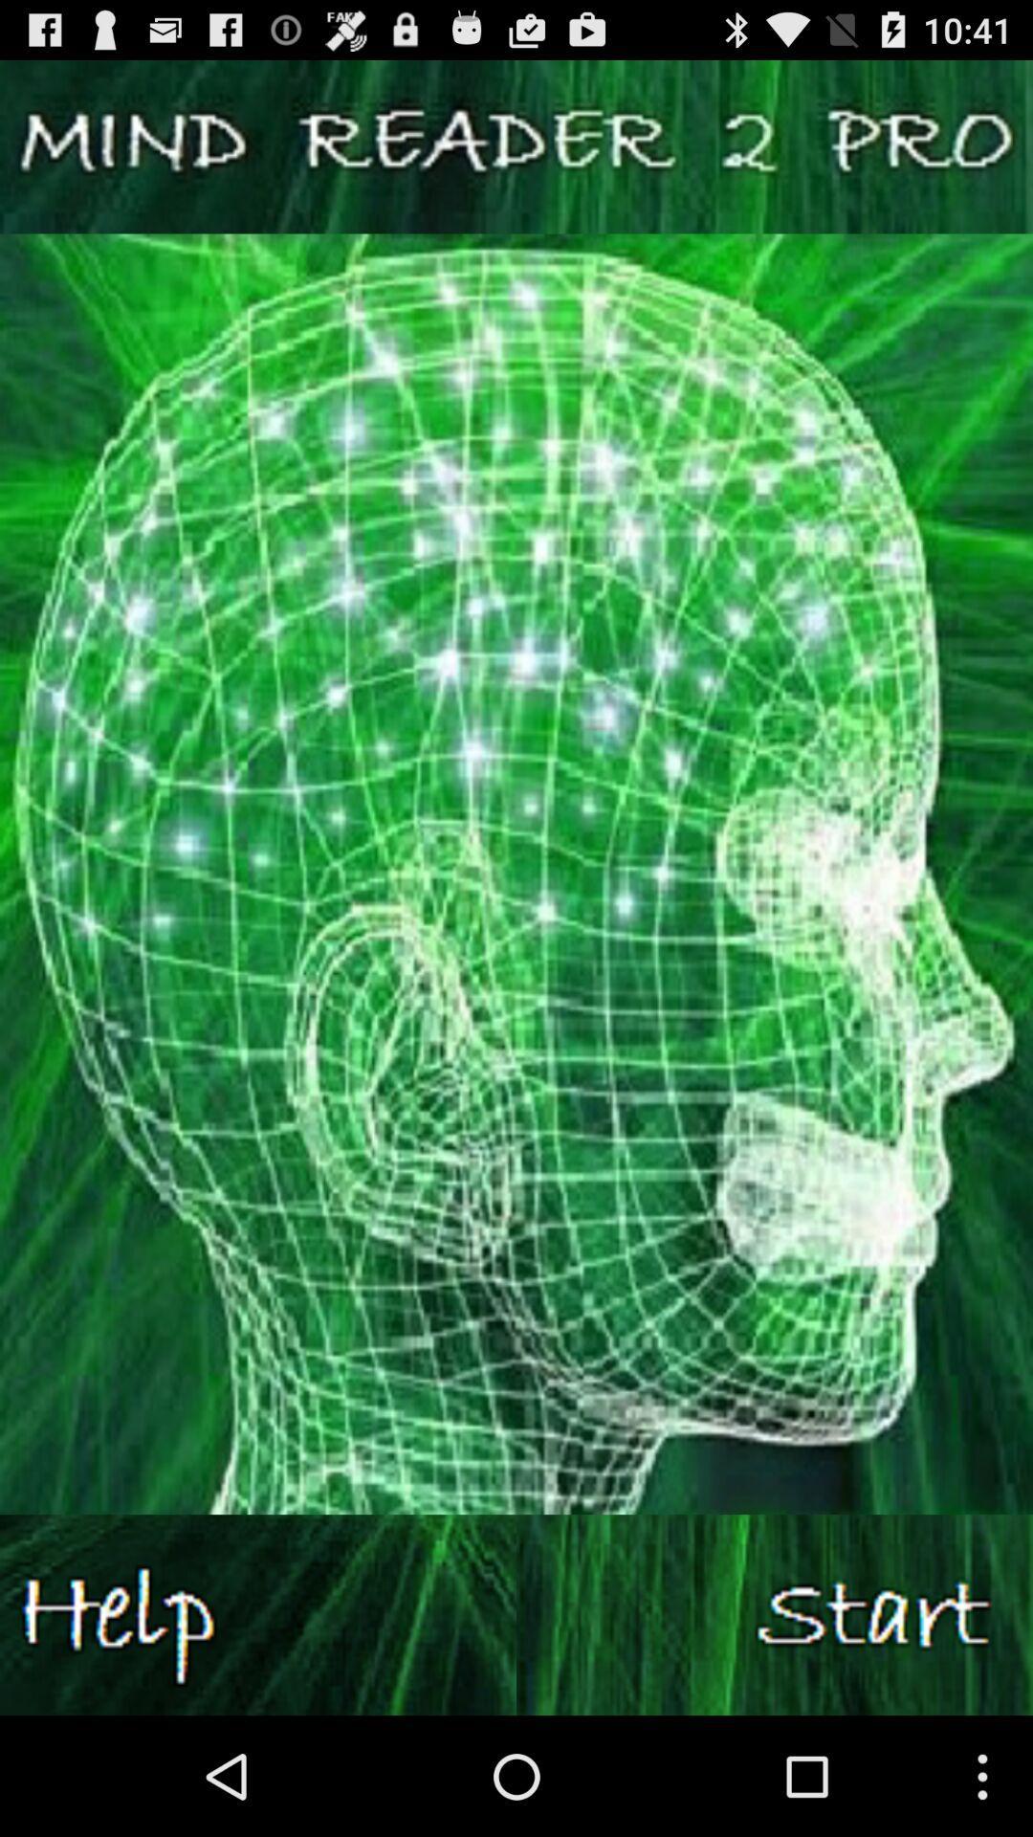  What do you see at coordinates (775, 1614) in the screenshot?
I see `start` at bounding box center [775, 1614].